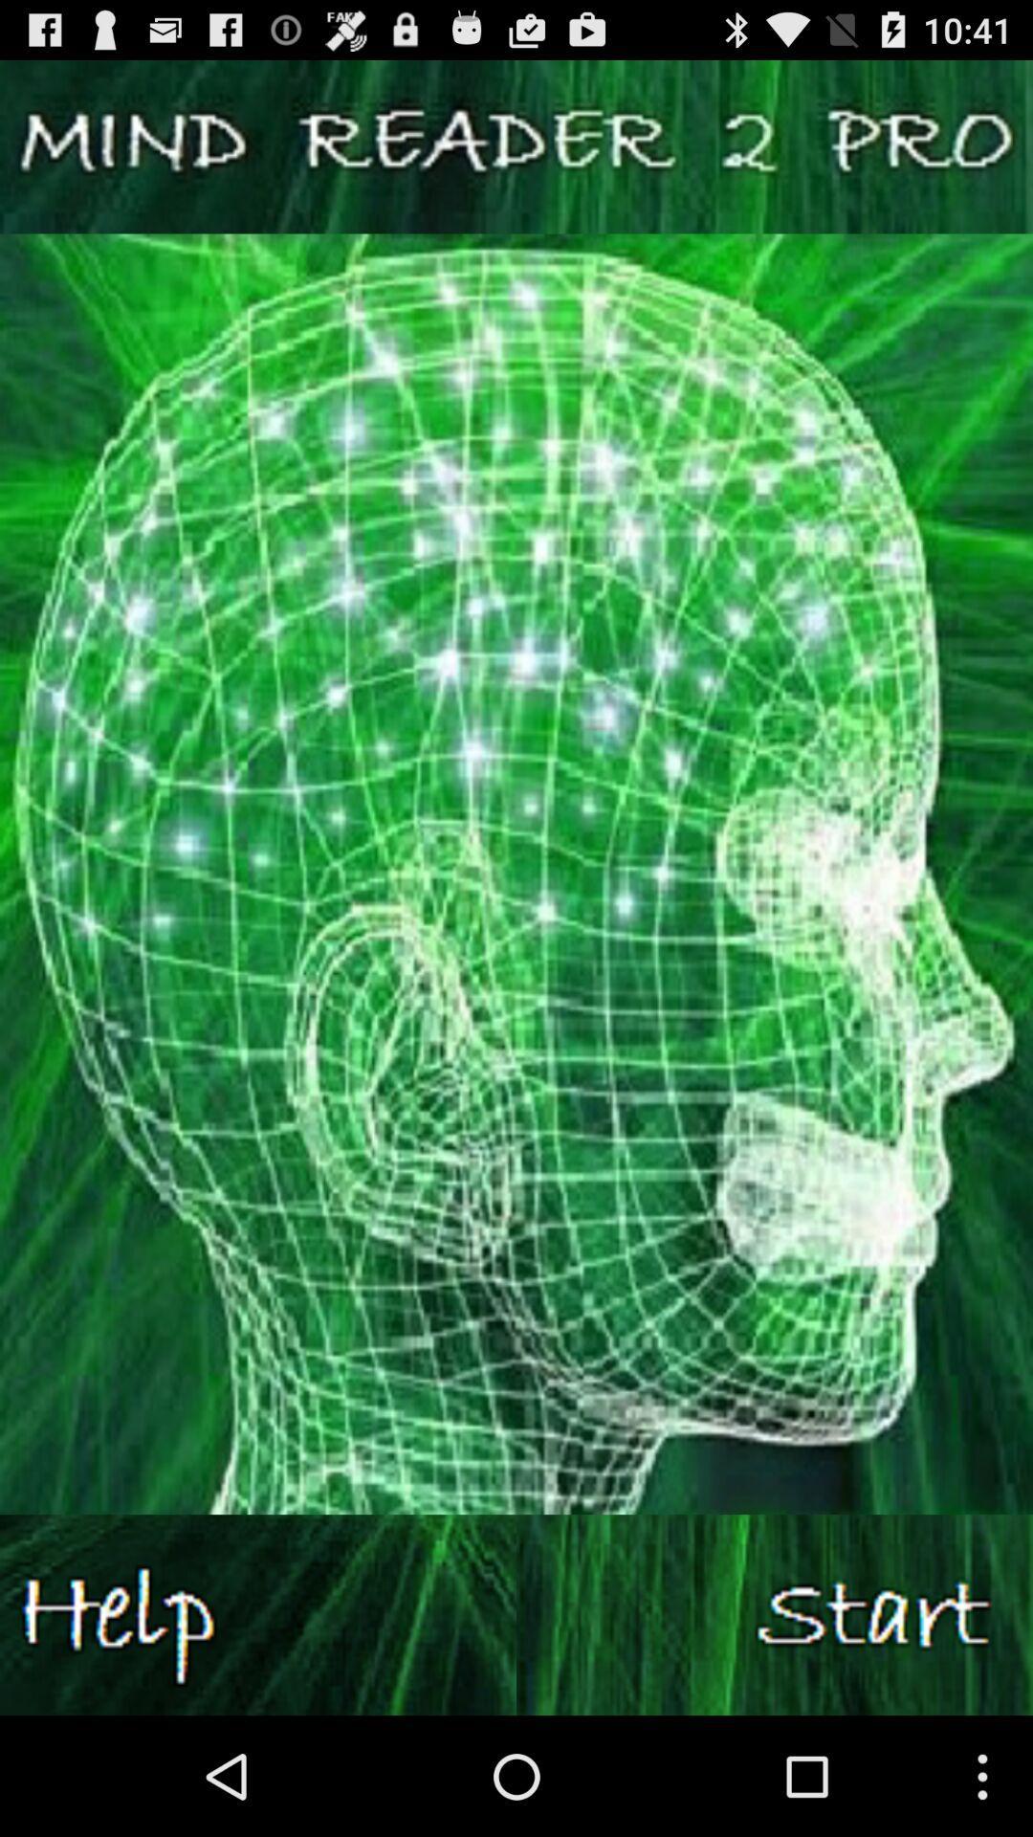  What do you see at coordinates (775, 1614) in the screenshot?
I see `start` at bounding box center [775, 1614].